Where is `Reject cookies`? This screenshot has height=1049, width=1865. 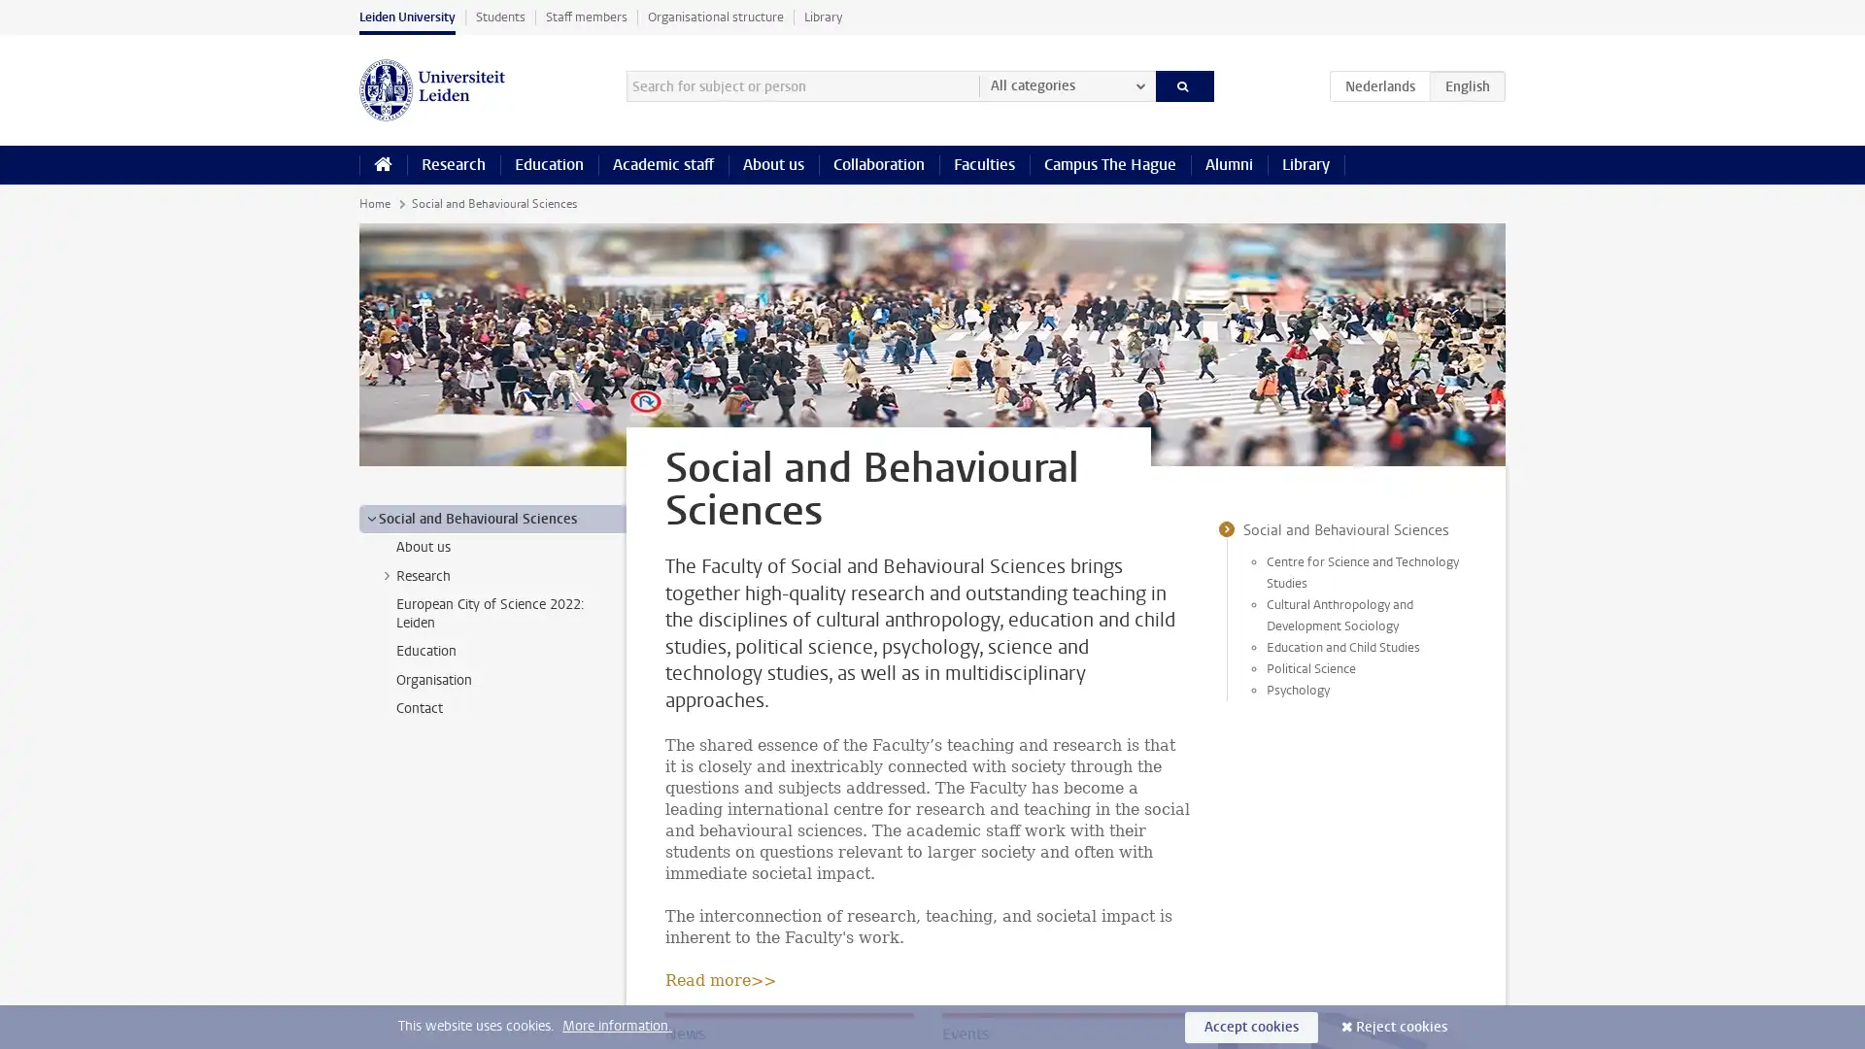 Reject cookies is located at coordinates (1402, 1026).